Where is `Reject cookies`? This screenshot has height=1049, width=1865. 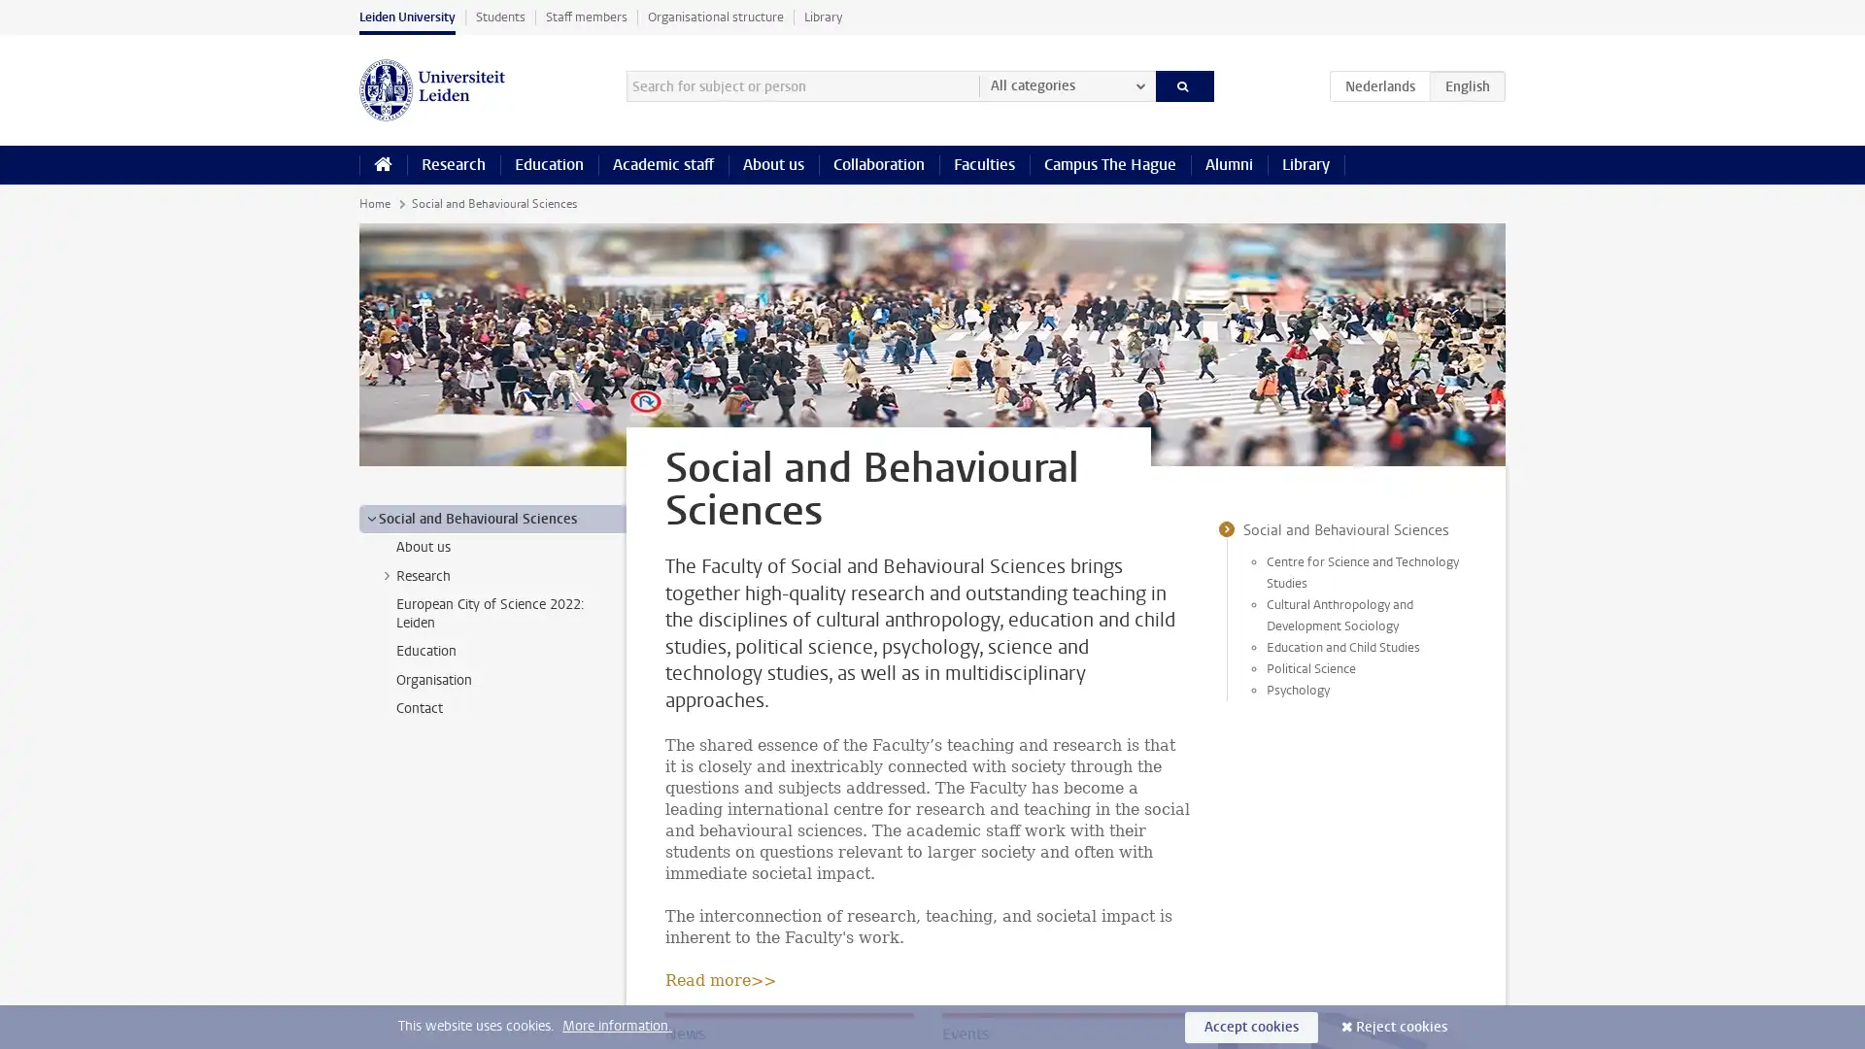 Reject cookies is located at coordinates (1402, 1026).